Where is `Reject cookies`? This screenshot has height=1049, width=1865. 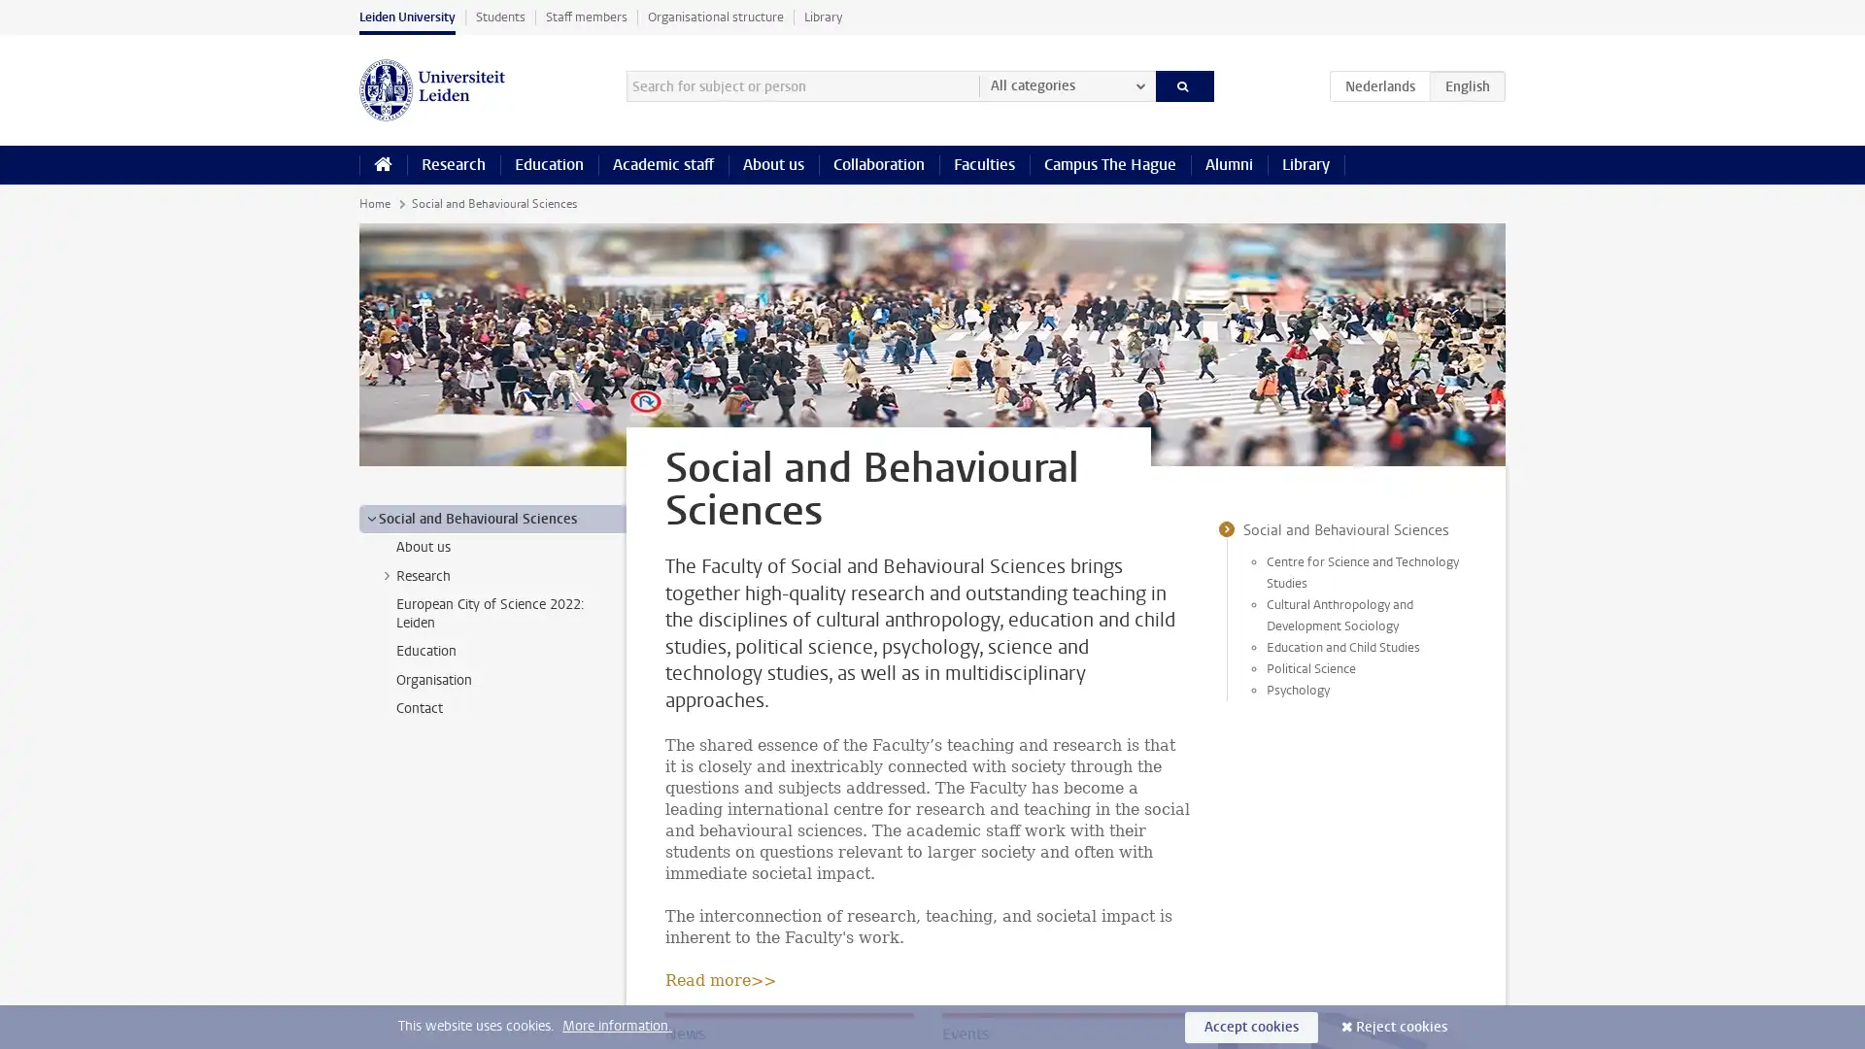 Reject cookies is located at coordinates (1402, 1026).